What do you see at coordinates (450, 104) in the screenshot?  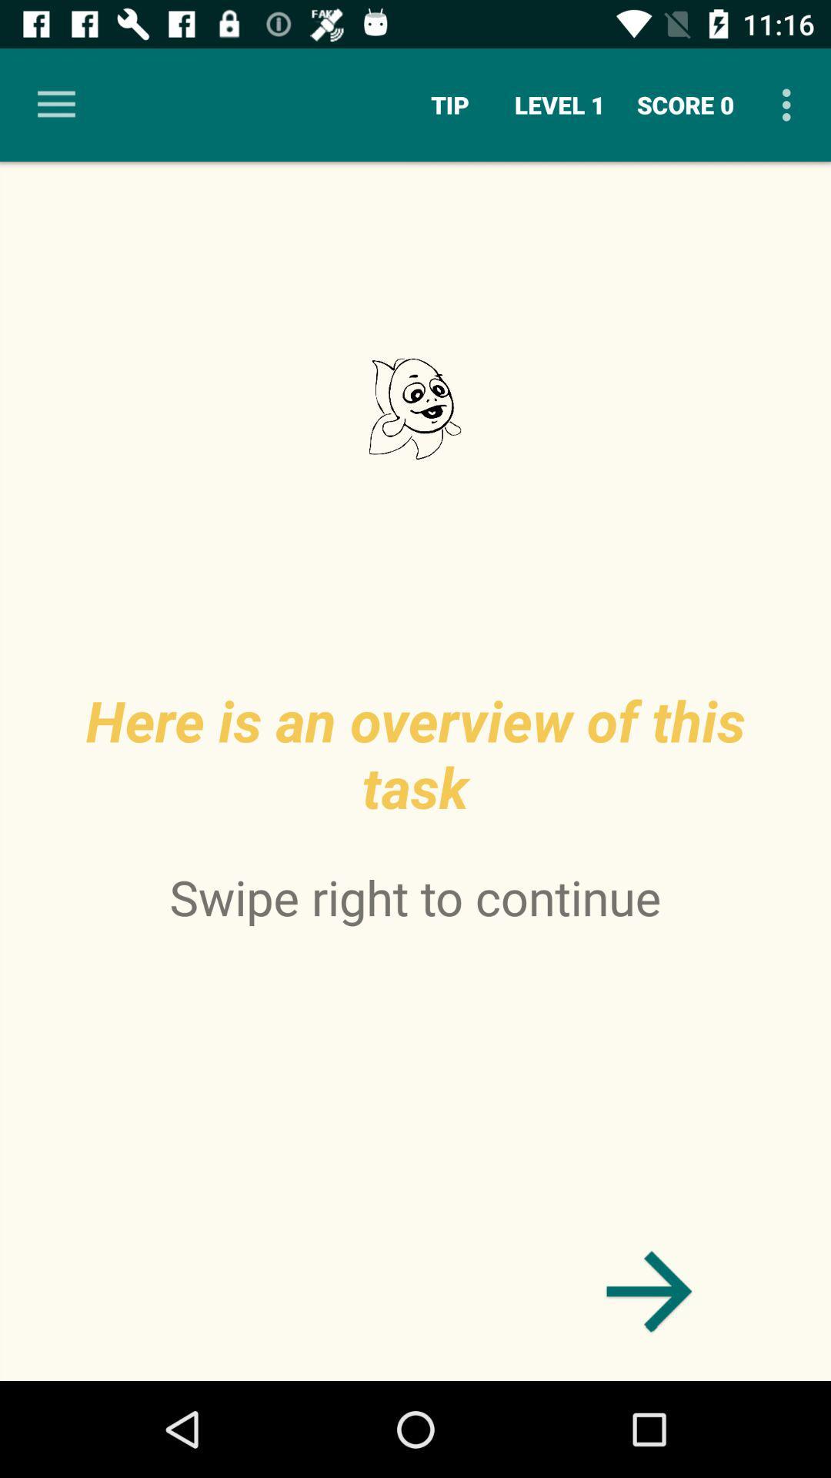 I see `tip item` at bounding box center [450, 104].